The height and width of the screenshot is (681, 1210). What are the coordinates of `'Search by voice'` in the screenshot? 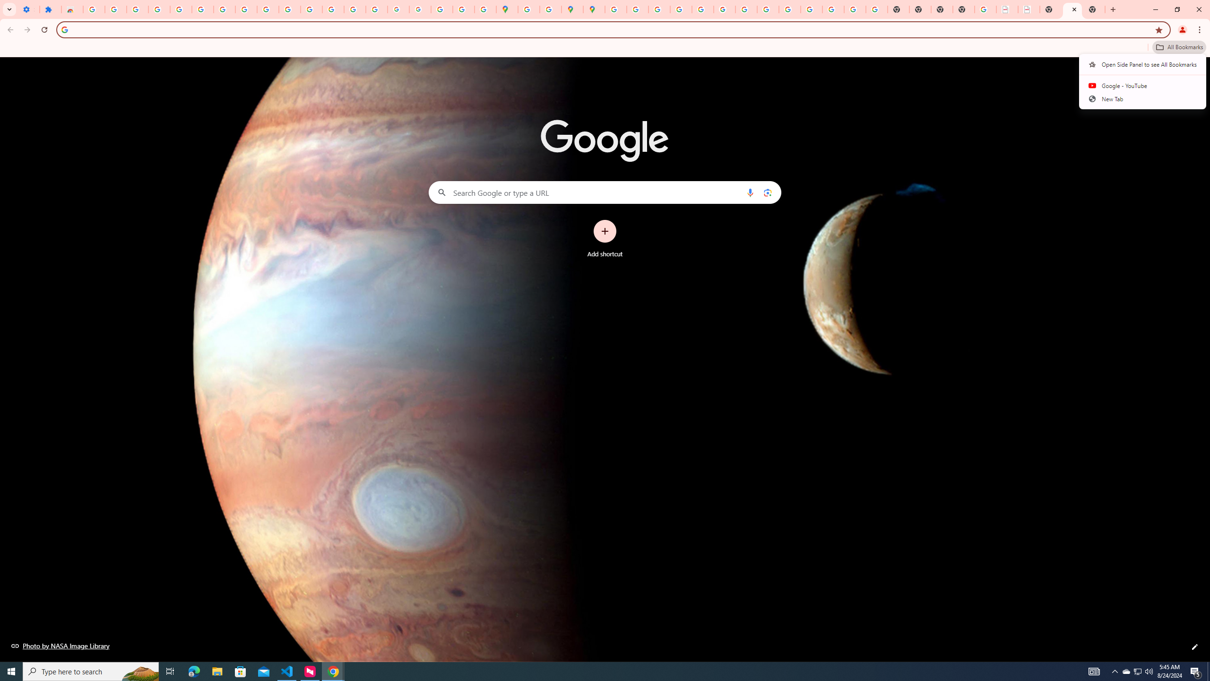 It's located at (750, 192).